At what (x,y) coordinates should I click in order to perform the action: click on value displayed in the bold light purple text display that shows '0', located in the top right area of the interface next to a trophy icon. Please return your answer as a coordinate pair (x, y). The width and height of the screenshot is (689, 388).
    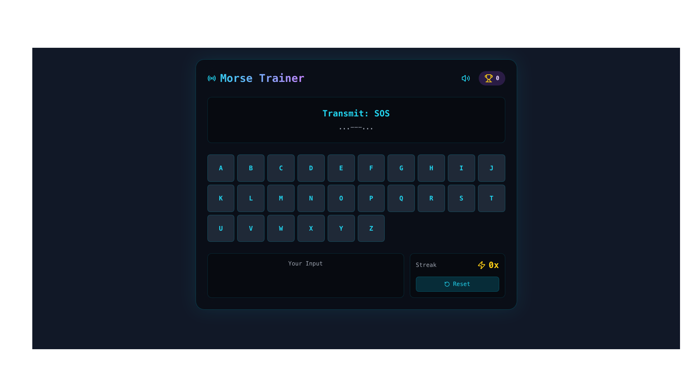
    Looking at the image, I should click on (497, 78).